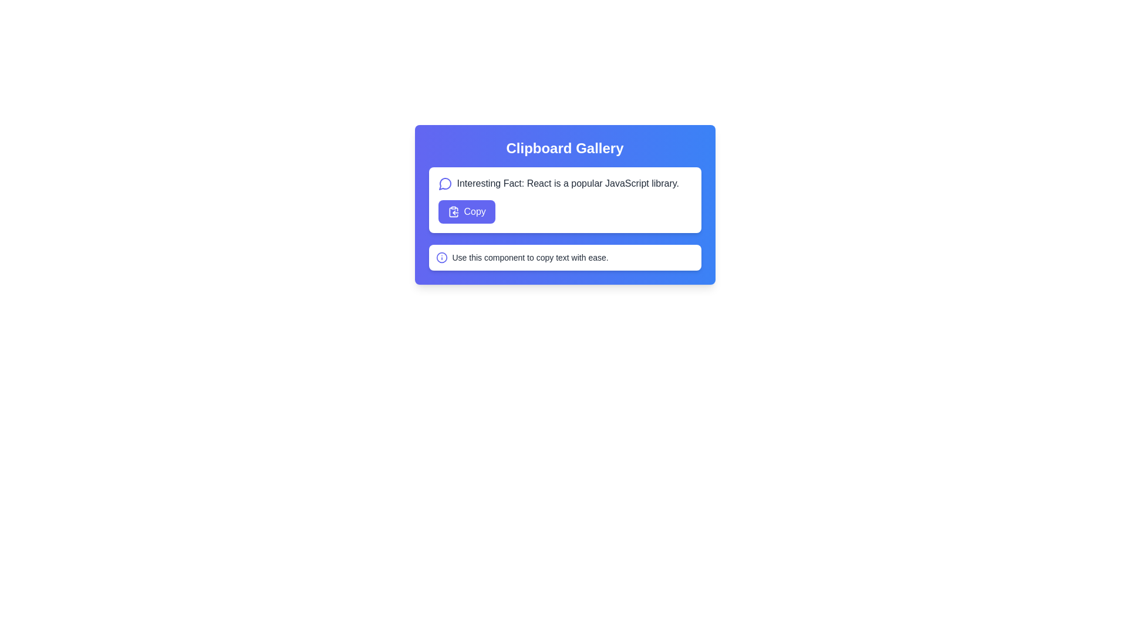 This screenshot has width=1127, height=634. Describe the element at coordinates (466, 212) in the screenshot. I see `the 'Copy' button with an indigo background and clipboard icon` at that location.